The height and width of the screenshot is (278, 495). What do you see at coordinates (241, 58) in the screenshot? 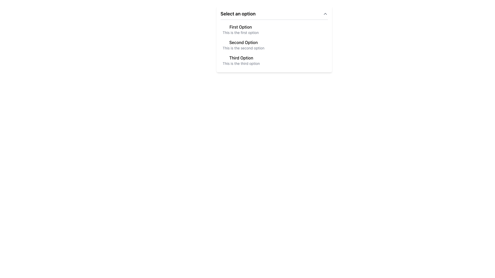
I see `the bold textual label reading 'Third Option'` at bounding box center [241, 58].